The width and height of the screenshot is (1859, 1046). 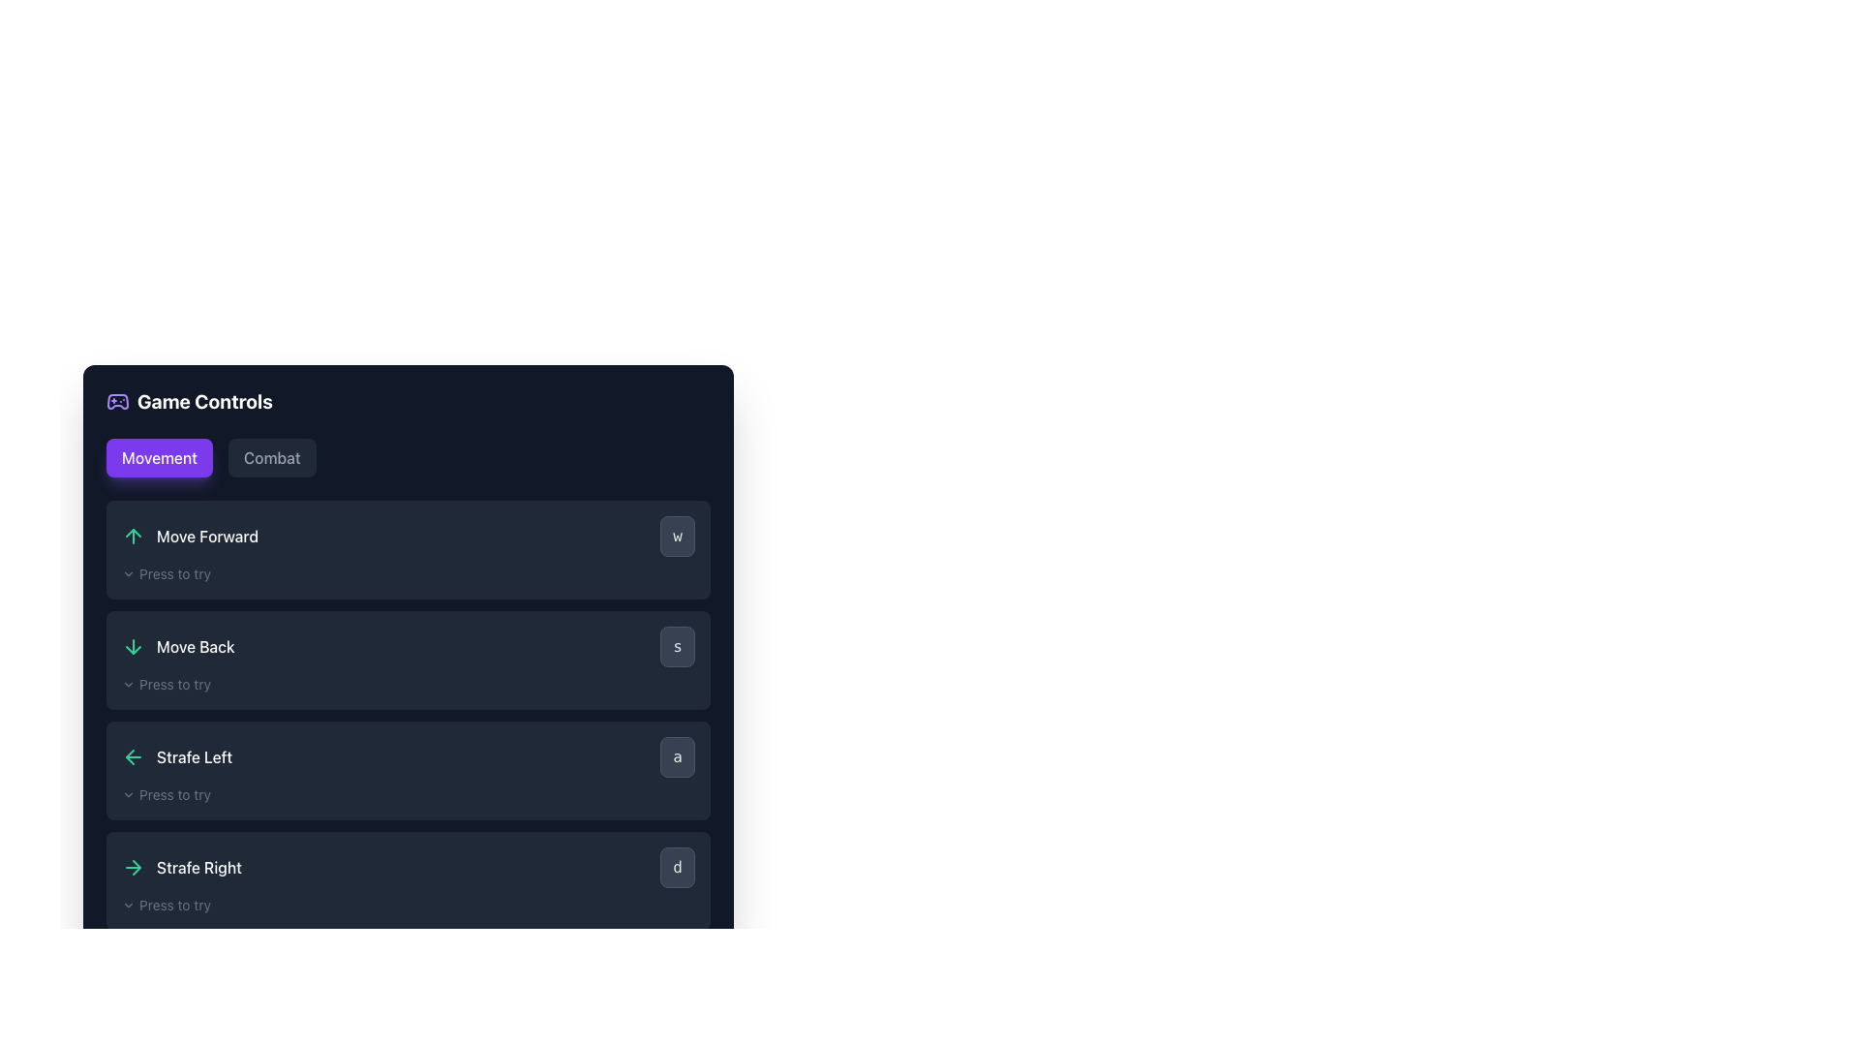 What do you see at coordinates (176, 756) in the screenshot?
I see `the label element displaying the text 'Strafe Left' with a leftward-pointing arrow icon, styled in green and featuring bold white text` at bounding box center [176, 756].